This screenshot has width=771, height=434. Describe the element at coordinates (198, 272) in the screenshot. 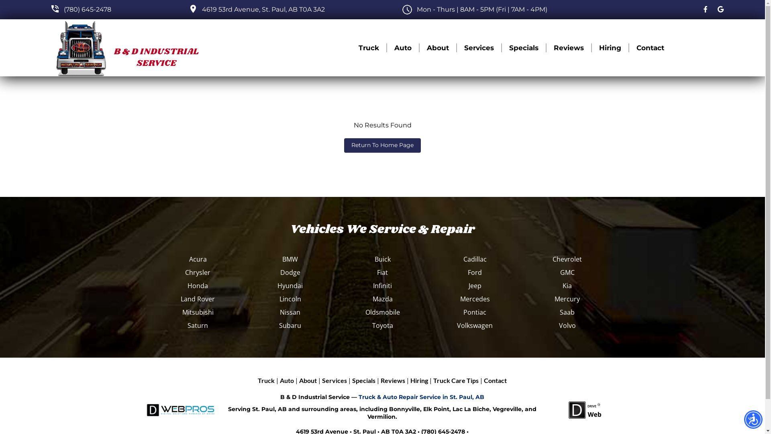

I see `'Chrysler'` at that location.